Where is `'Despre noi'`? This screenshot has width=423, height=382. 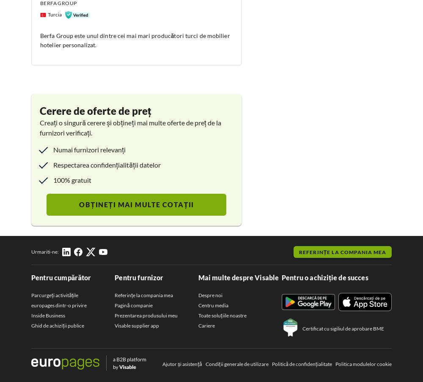 'Despre noi' is located at coordinates (198, 295).